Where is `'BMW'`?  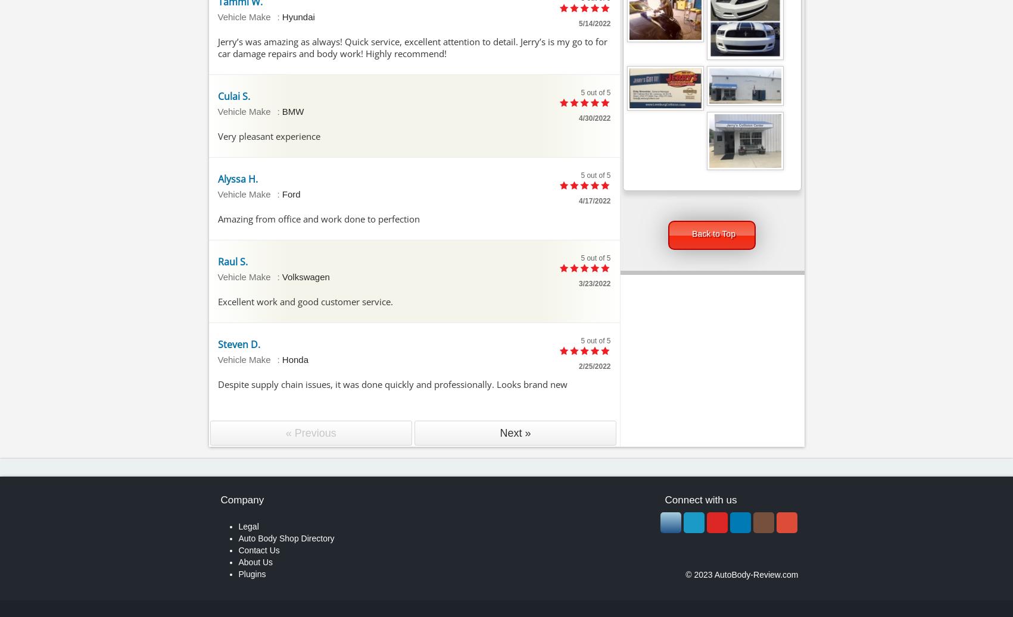 'BMW' is located at coordinates (281, 110).